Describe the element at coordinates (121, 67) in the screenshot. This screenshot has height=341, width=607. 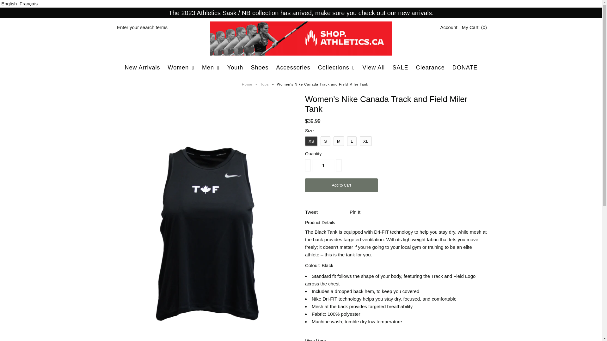
I see `'New Arrivals'` at that location.